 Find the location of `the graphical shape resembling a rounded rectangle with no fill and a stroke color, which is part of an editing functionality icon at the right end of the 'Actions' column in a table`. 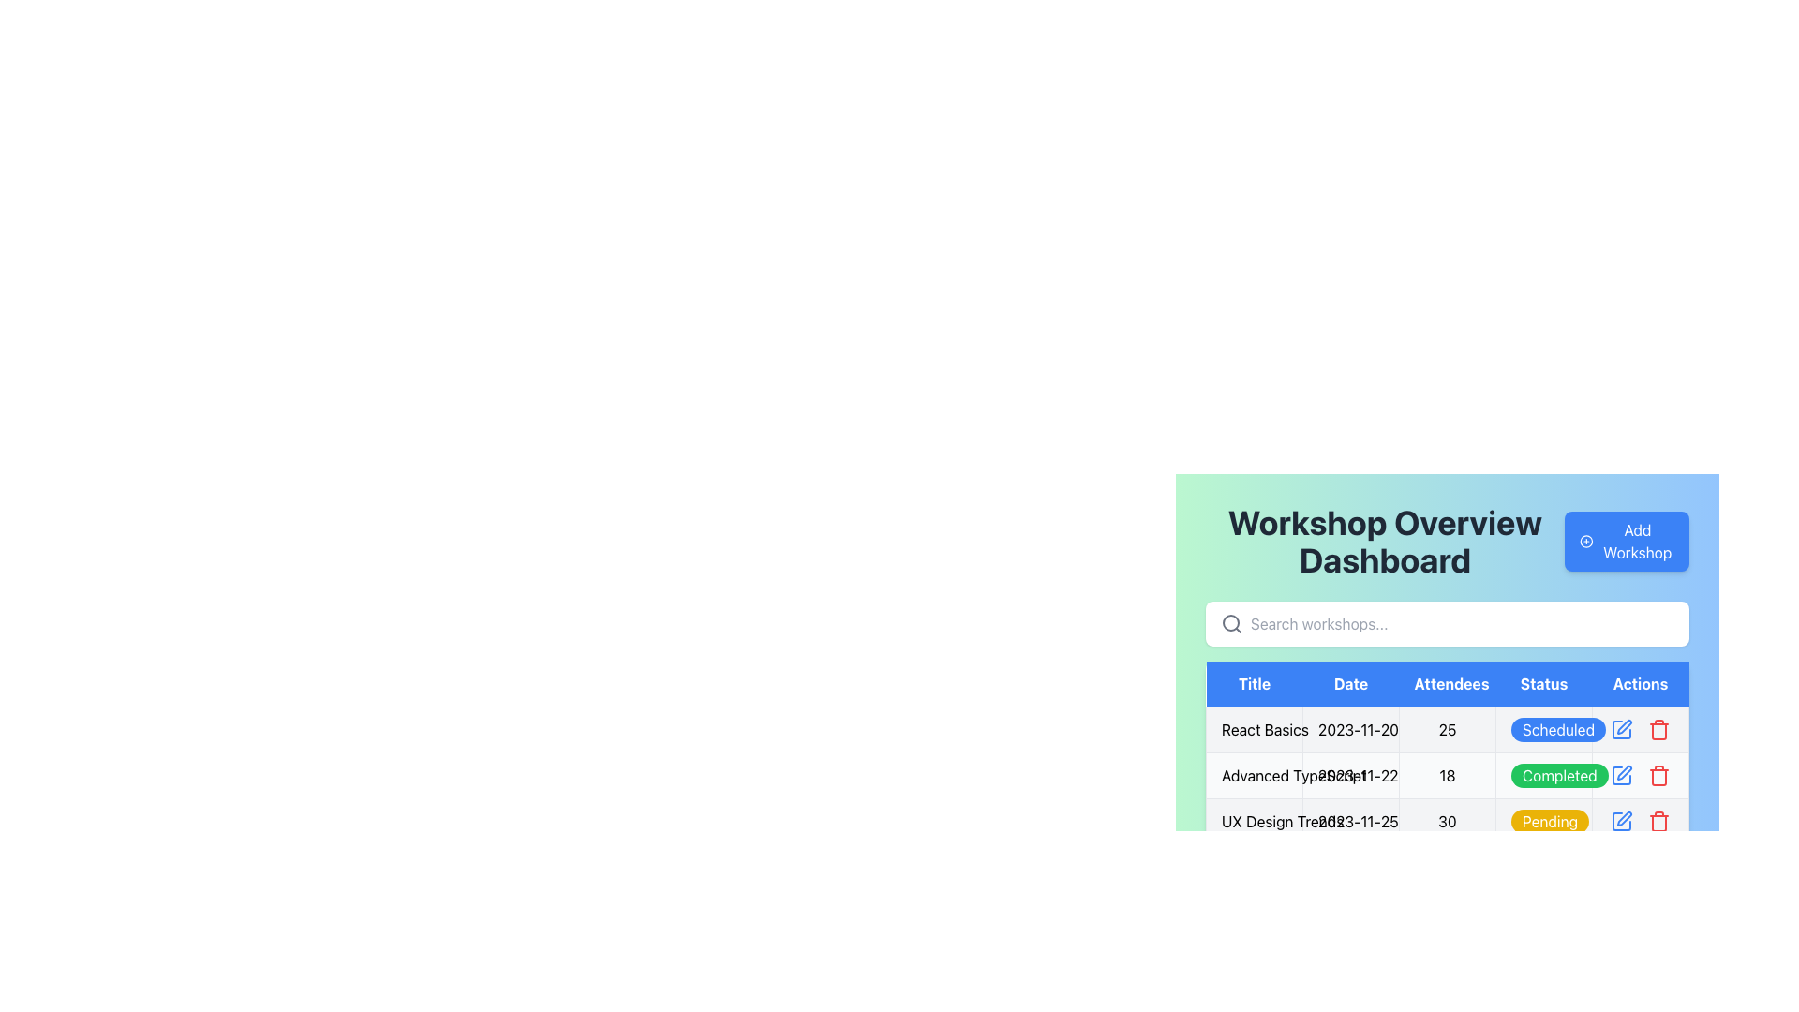

the graphical shape resembling a rounded rectangle with no fill and a stroke color, which is part of an editing functionality icon at the right end of the 'Actions' column in a table is located at coordinates (1621, 729).